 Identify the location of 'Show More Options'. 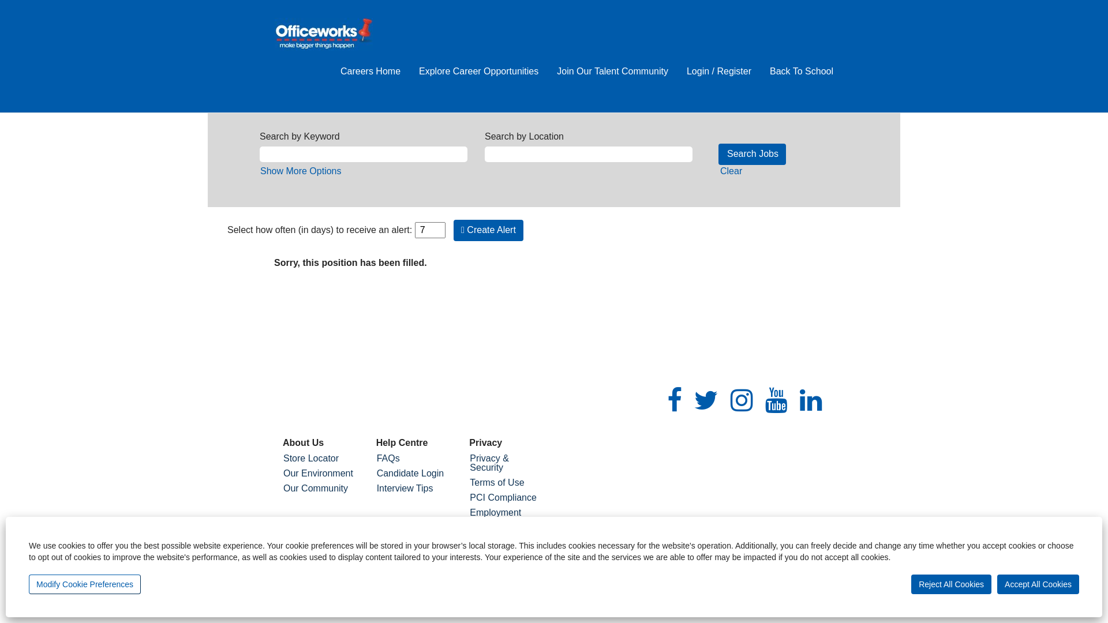
(301, 171).